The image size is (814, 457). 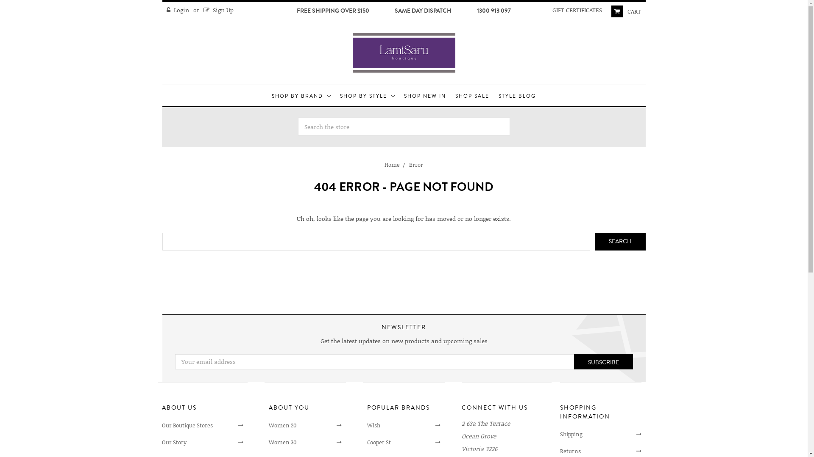 I want to click on 'SHOP BY BRAND', so click(x=267, y=95).